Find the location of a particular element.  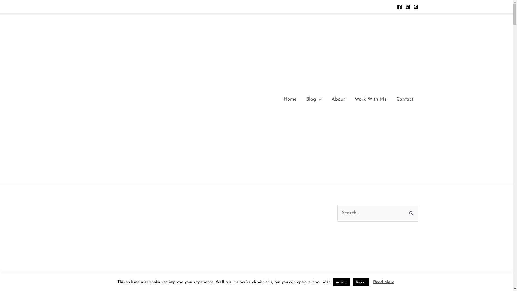

'Contact' is located at coordinates (405, 99).